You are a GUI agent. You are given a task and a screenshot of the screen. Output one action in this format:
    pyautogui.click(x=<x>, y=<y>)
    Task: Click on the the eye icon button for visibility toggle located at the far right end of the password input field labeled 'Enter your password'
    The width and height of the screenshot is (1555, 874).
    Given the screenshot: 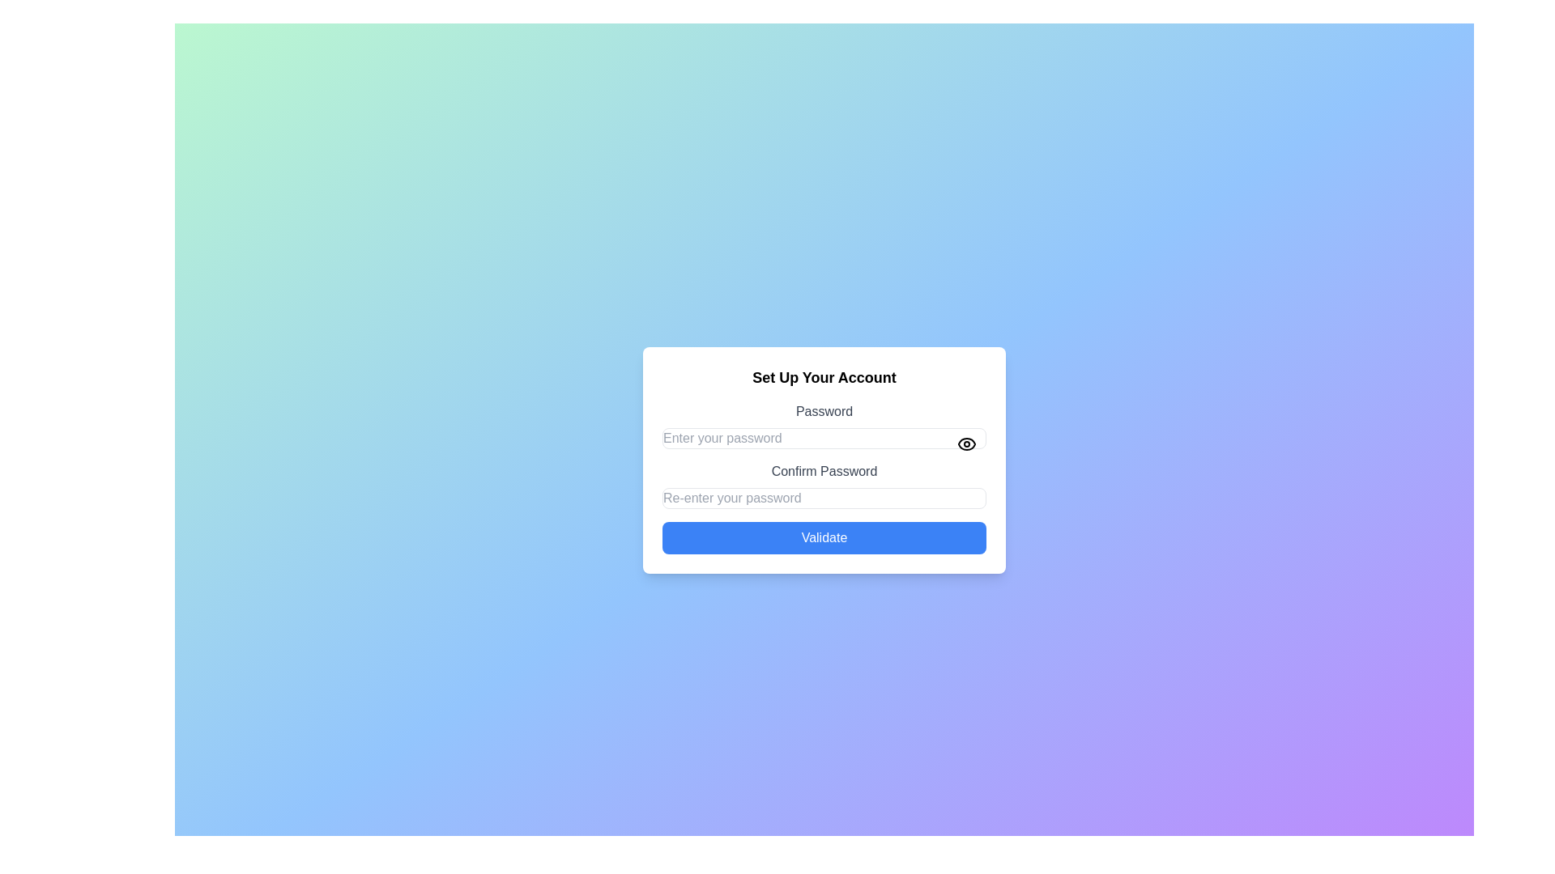 What is the action you would take?
    pyautogui.click(x=967, y=443)
    